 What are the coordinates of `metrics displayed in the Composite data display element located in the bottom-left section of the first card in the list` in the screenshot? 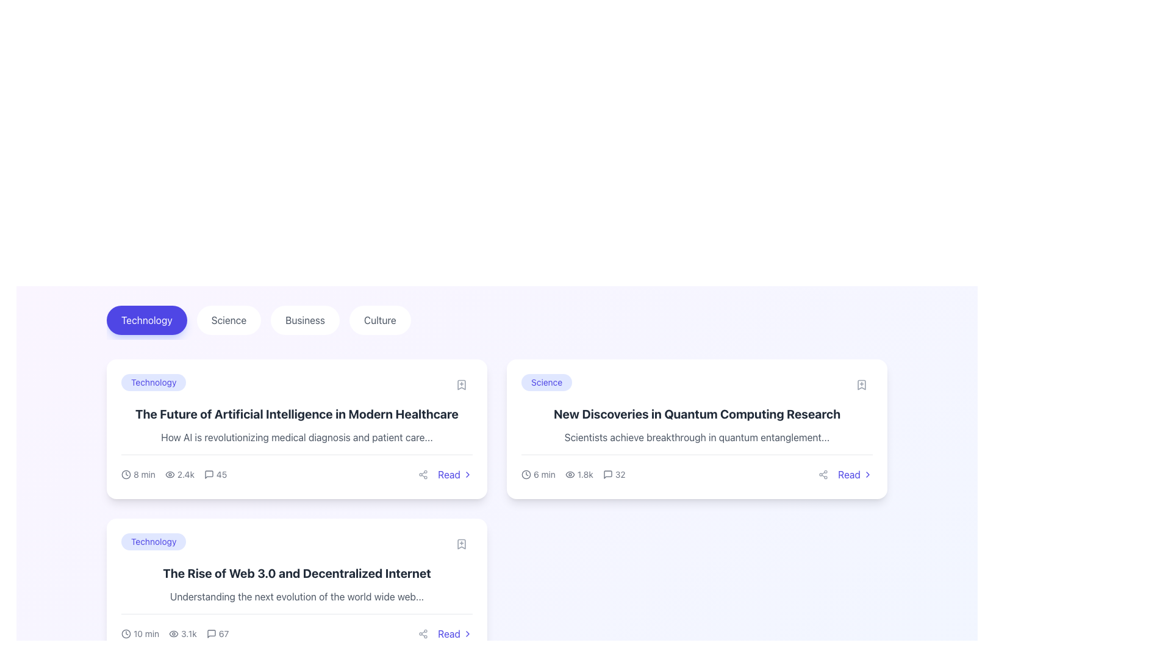 It's located at (173, 474).